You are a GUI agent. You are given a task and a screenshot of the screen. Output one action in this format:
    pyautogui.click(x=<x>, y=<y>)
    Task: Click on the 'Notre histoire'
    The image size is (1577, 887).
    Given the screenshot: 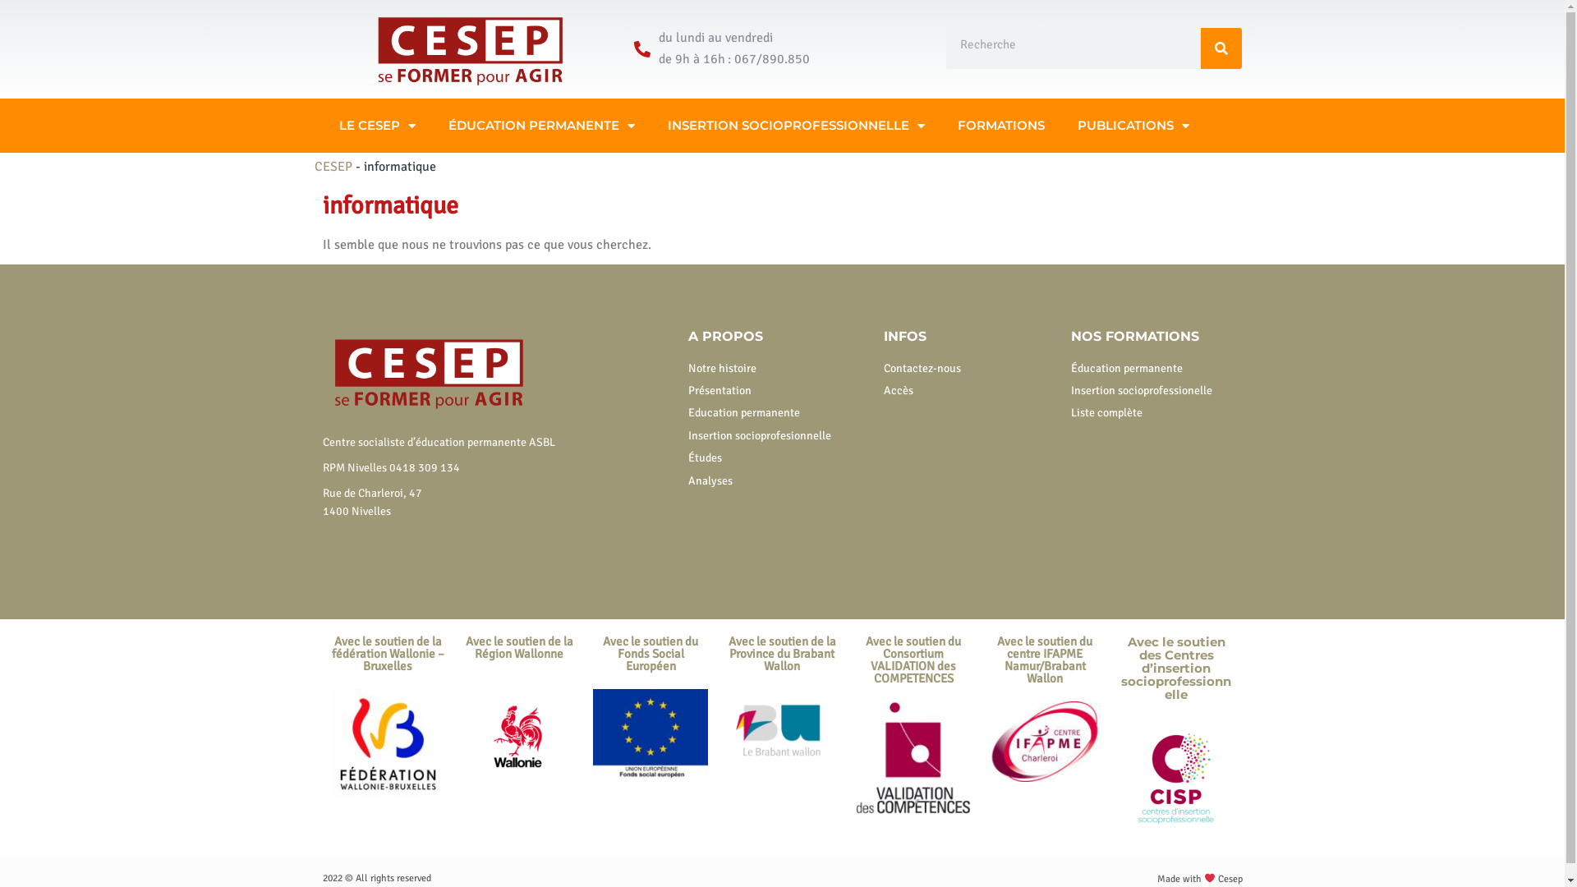 What is the action you would take?
    pyautogui.click(x=777, y=367)
    